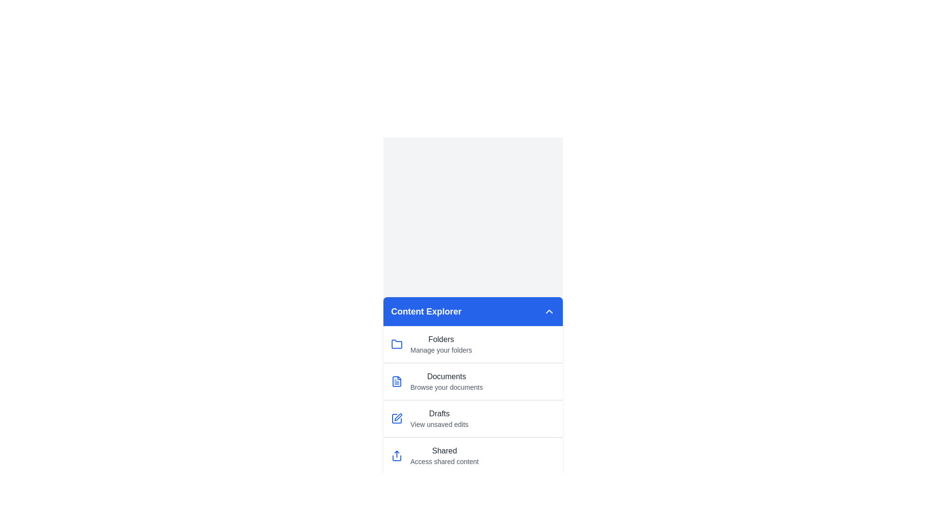 The height and width of the screenshot is (521, 926). I want to click on the header button to toggle the menu state, so click(549, 311).